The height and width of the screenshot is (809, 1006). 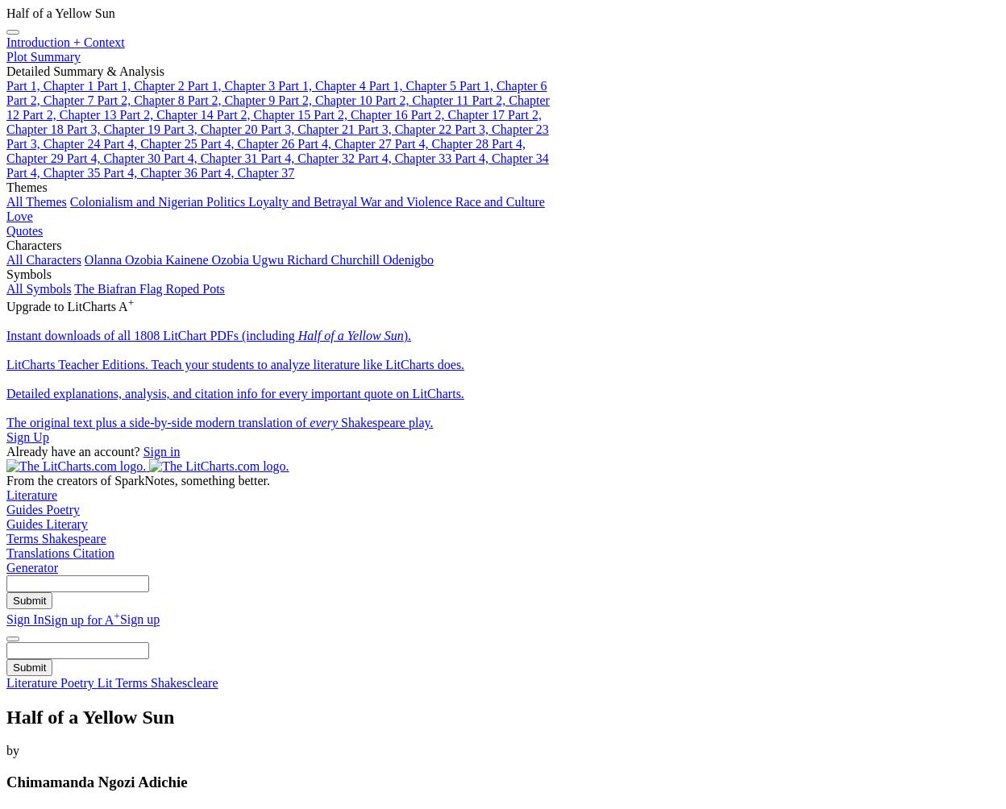 What do you see at coordinates (123, 682) in the screenshot?
I see `'Lit Terms'` at bounding box center [123, 682].